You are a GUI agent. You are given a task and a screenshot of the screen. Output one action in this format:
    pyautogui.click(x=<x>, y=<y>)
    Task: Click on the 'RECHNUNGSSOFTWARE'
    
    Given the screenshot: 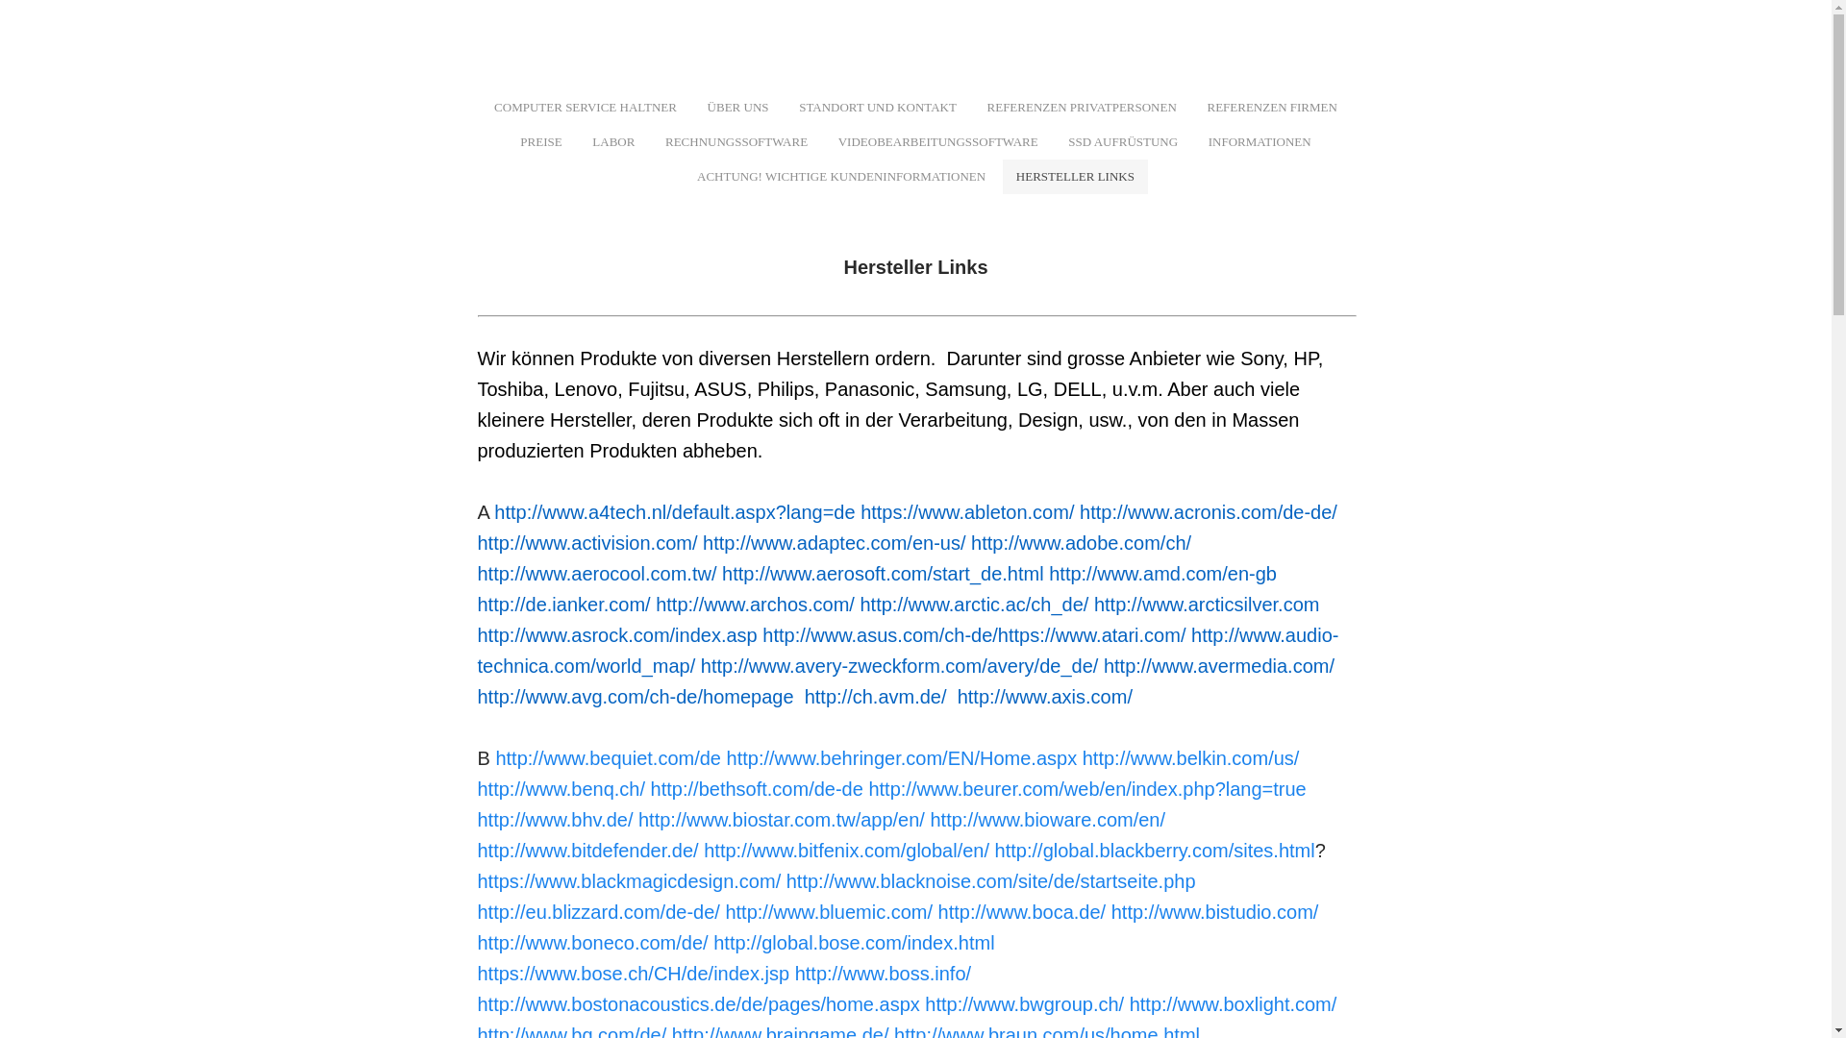 What is the action you would take?
    pyautogui.click(x=736, y=140)
    